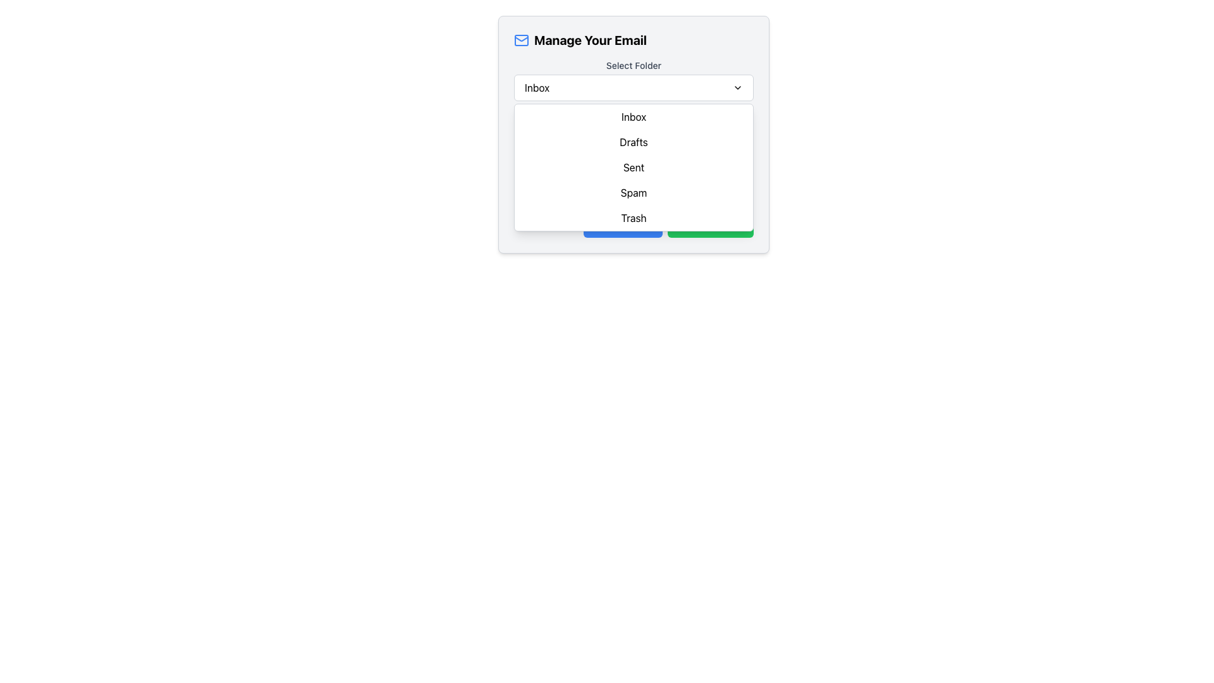  Describe the element at coordinates (634, 40) in the screenshot. I see `text 'Manage Your Email' from the header section, which features a blue envelope icon aligned to the left` at that location.